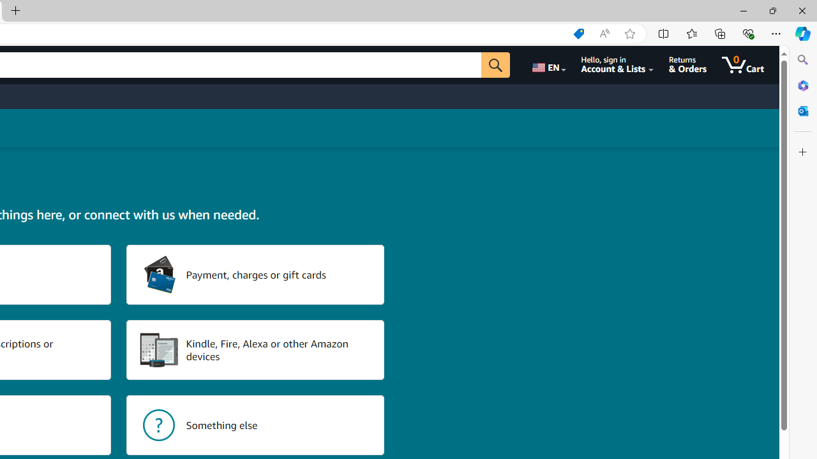  What do you see at coordinates (548, 64) in the screenshot?
I see `'Choose a language for shopping.'` at bounding box center [548, 64].